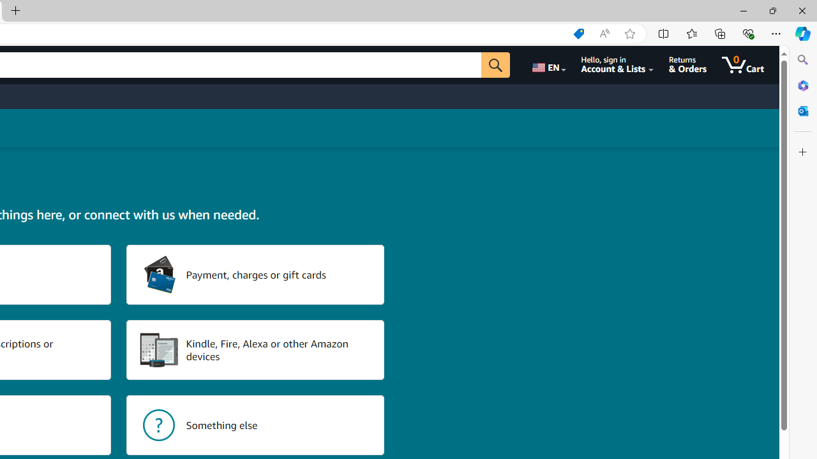  What do you see at coordinates (548, 64) in the screenshot?
I see `'Choose a language for shopping.'` at bounding box center [548, 64].